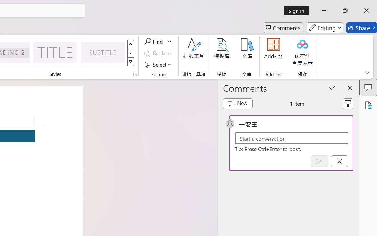 The image size is (377, 236). What do you see at coordinates (298, 10) in the screenshot?
I see `'Sign in'` at bounding box center [298, 10].